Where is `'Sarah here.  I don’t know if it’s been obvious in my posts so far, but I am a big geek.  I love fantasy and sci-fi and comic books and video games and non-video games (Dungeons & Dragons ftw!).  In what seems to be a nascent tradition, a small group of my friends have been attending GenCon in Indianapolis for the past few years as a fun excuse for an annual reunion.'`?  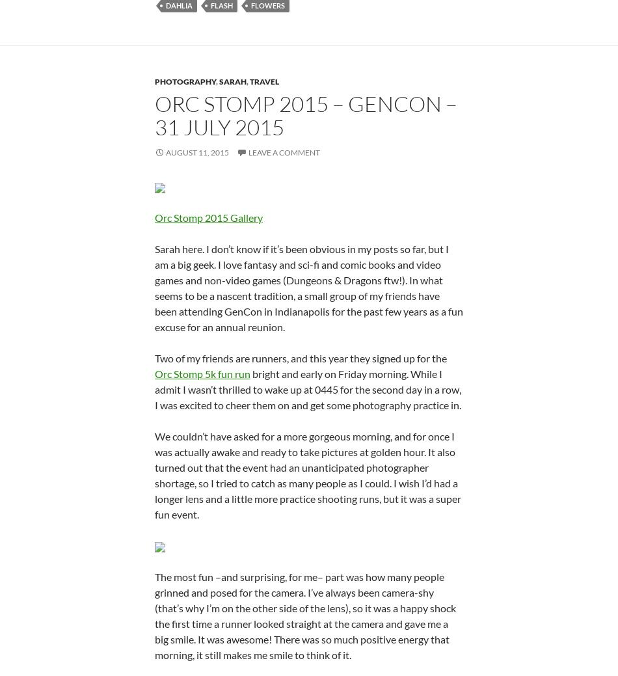
'Sarah here.  I don’t know if it’s been obvious in my posts so far, but I am a big geek.  I love fantasy and sci-fi and comic books and video games and non-video games (Dungeons & Dragons ftw!).  In what seems to be a nascent tradition, a small group of my friends have been attending GenCon in Indianapolis for the past few years as a fun excuse for an annual reunion.' is located at coordinates (309, 286).